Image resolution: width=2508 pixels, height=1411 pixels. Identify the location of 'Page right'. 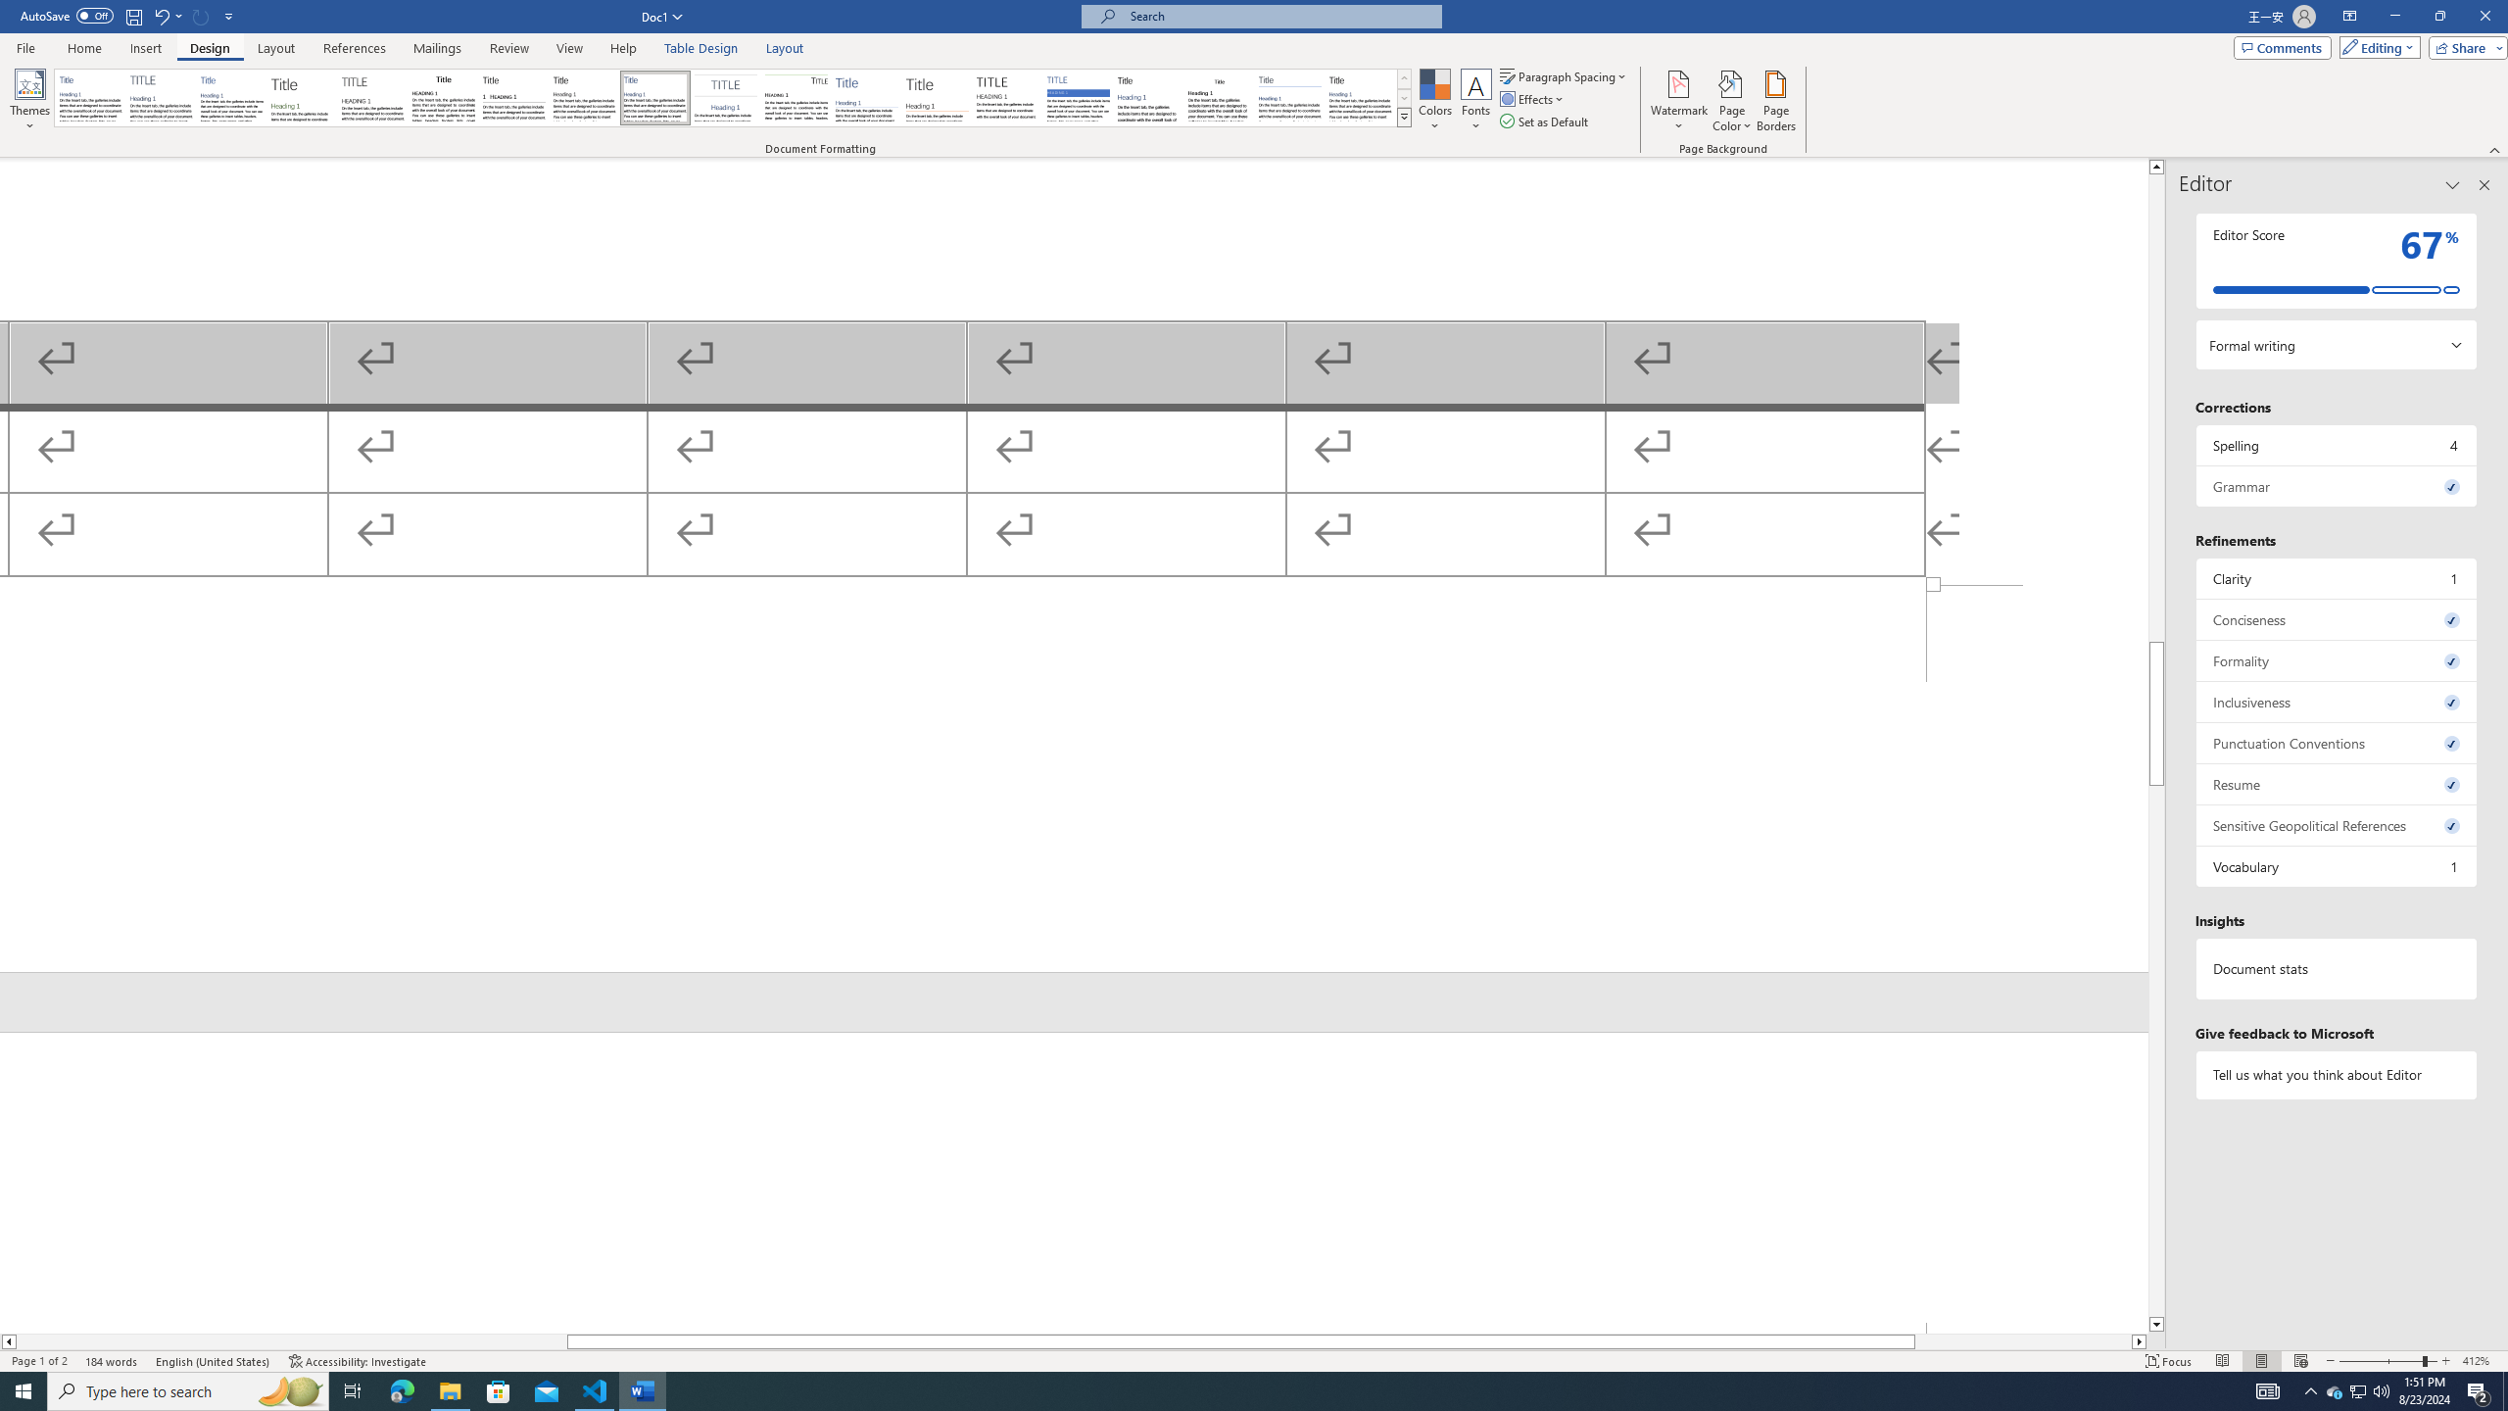
(2022, 1340).